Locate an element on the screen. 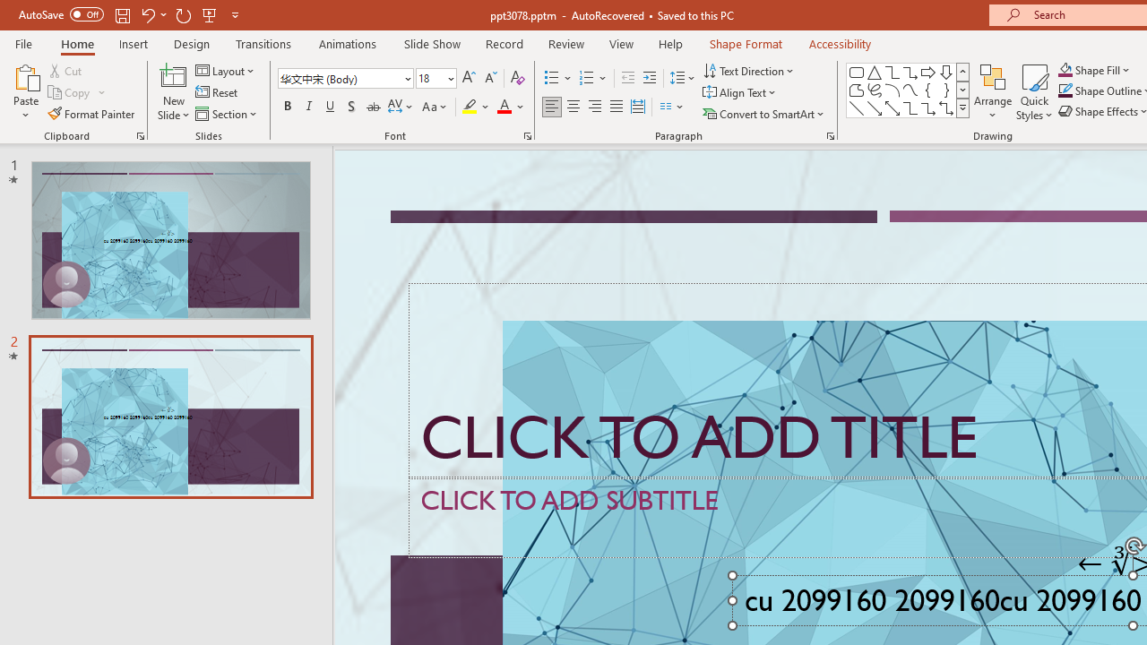 This screenshot has height=645, width=1147. 'Connector: Elbow Double-Arrow' is located at coordinates (945, 107).